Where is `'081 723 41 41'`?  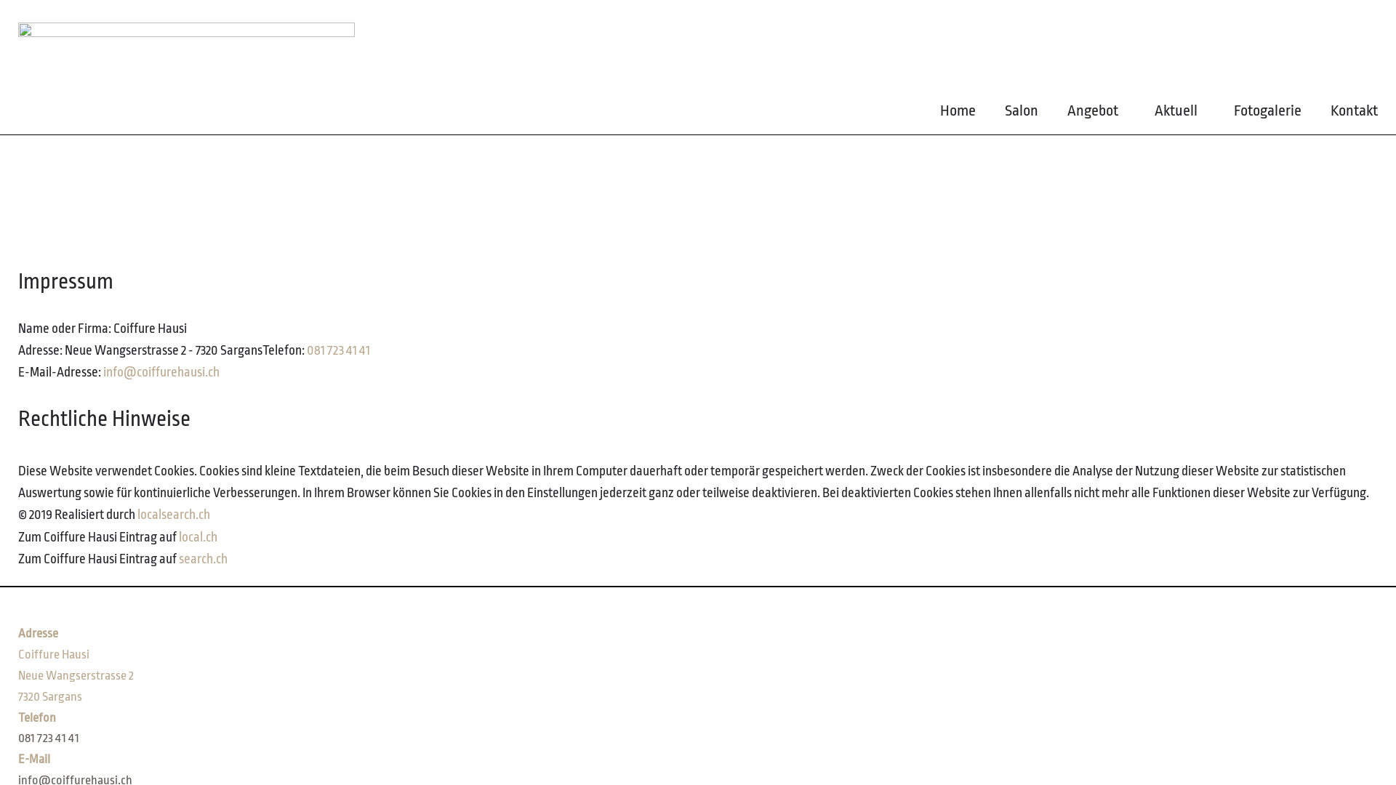 '081 723 41 41' is located at coordinates (17, 738).